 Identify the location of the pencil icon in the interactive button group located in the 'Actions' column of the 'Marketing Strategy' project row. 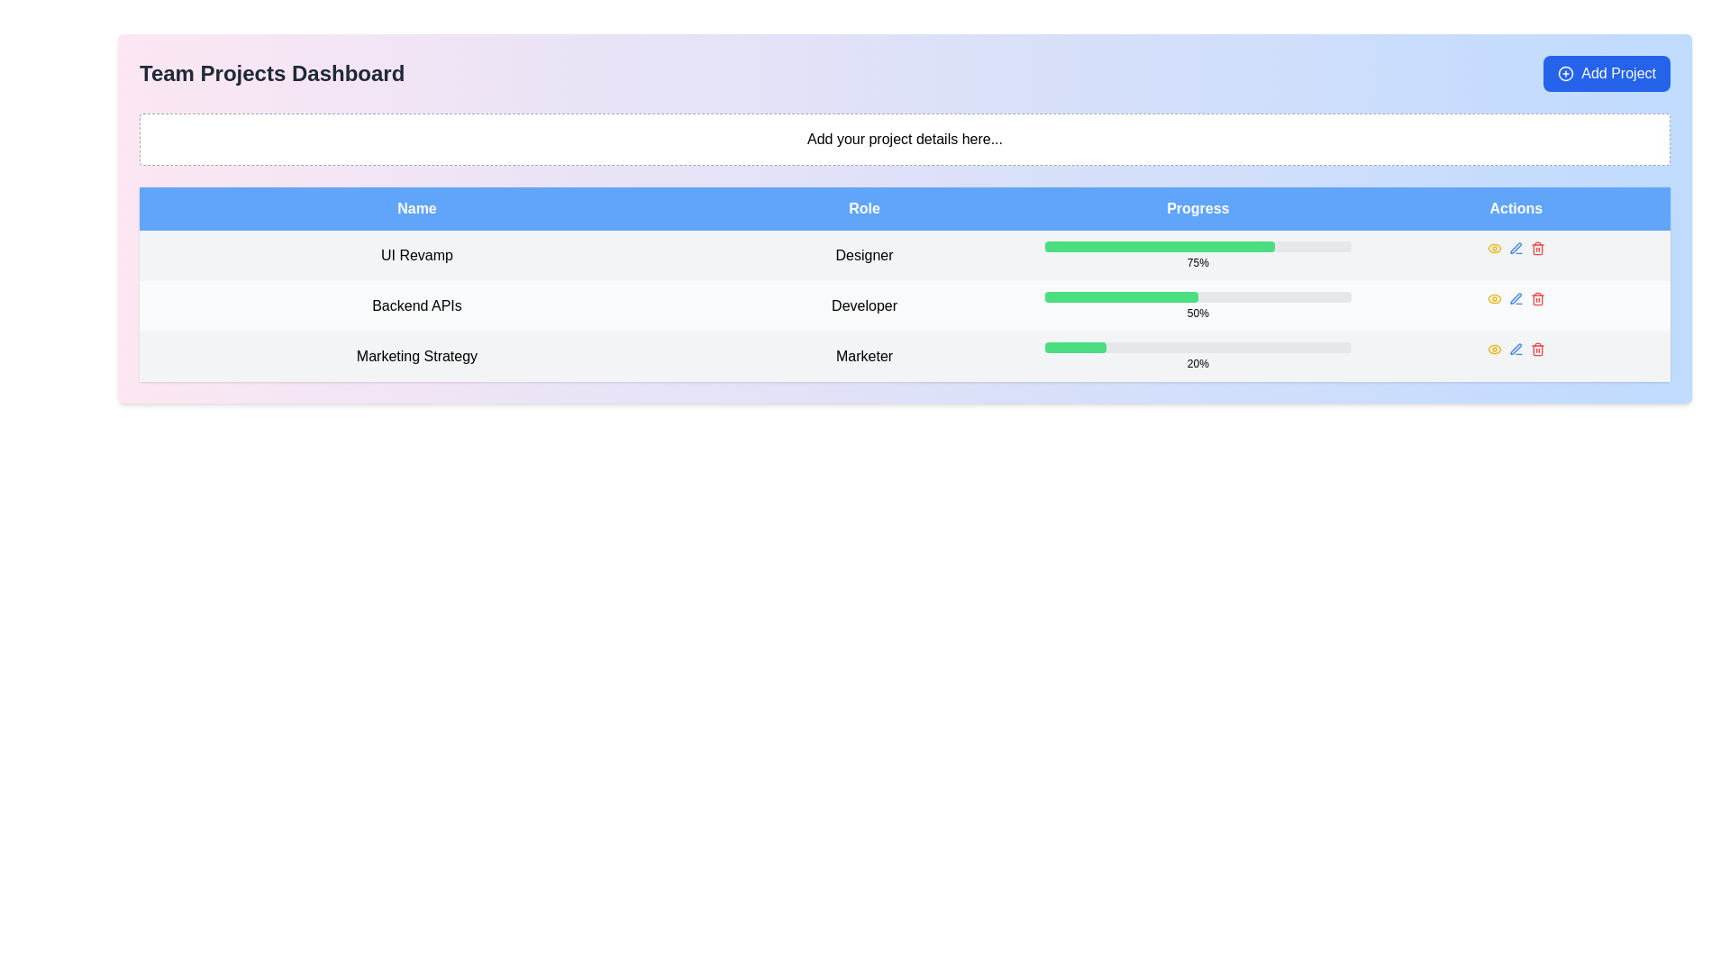
(1515, 350).